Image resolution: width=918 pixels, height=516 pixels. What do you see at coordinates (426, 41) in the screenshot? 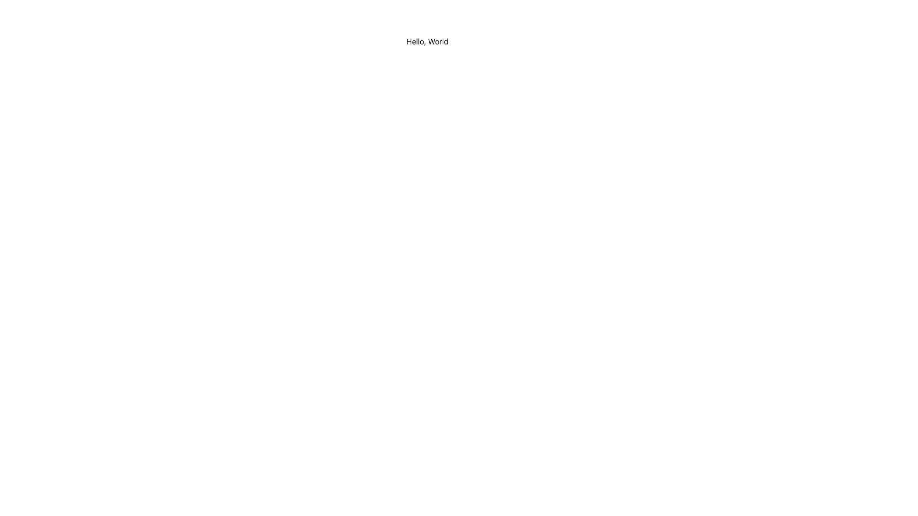
I see `the Text Label element that states 'Hello, World', which is located at the top of its white background panel` at bounding box center [426, 41].